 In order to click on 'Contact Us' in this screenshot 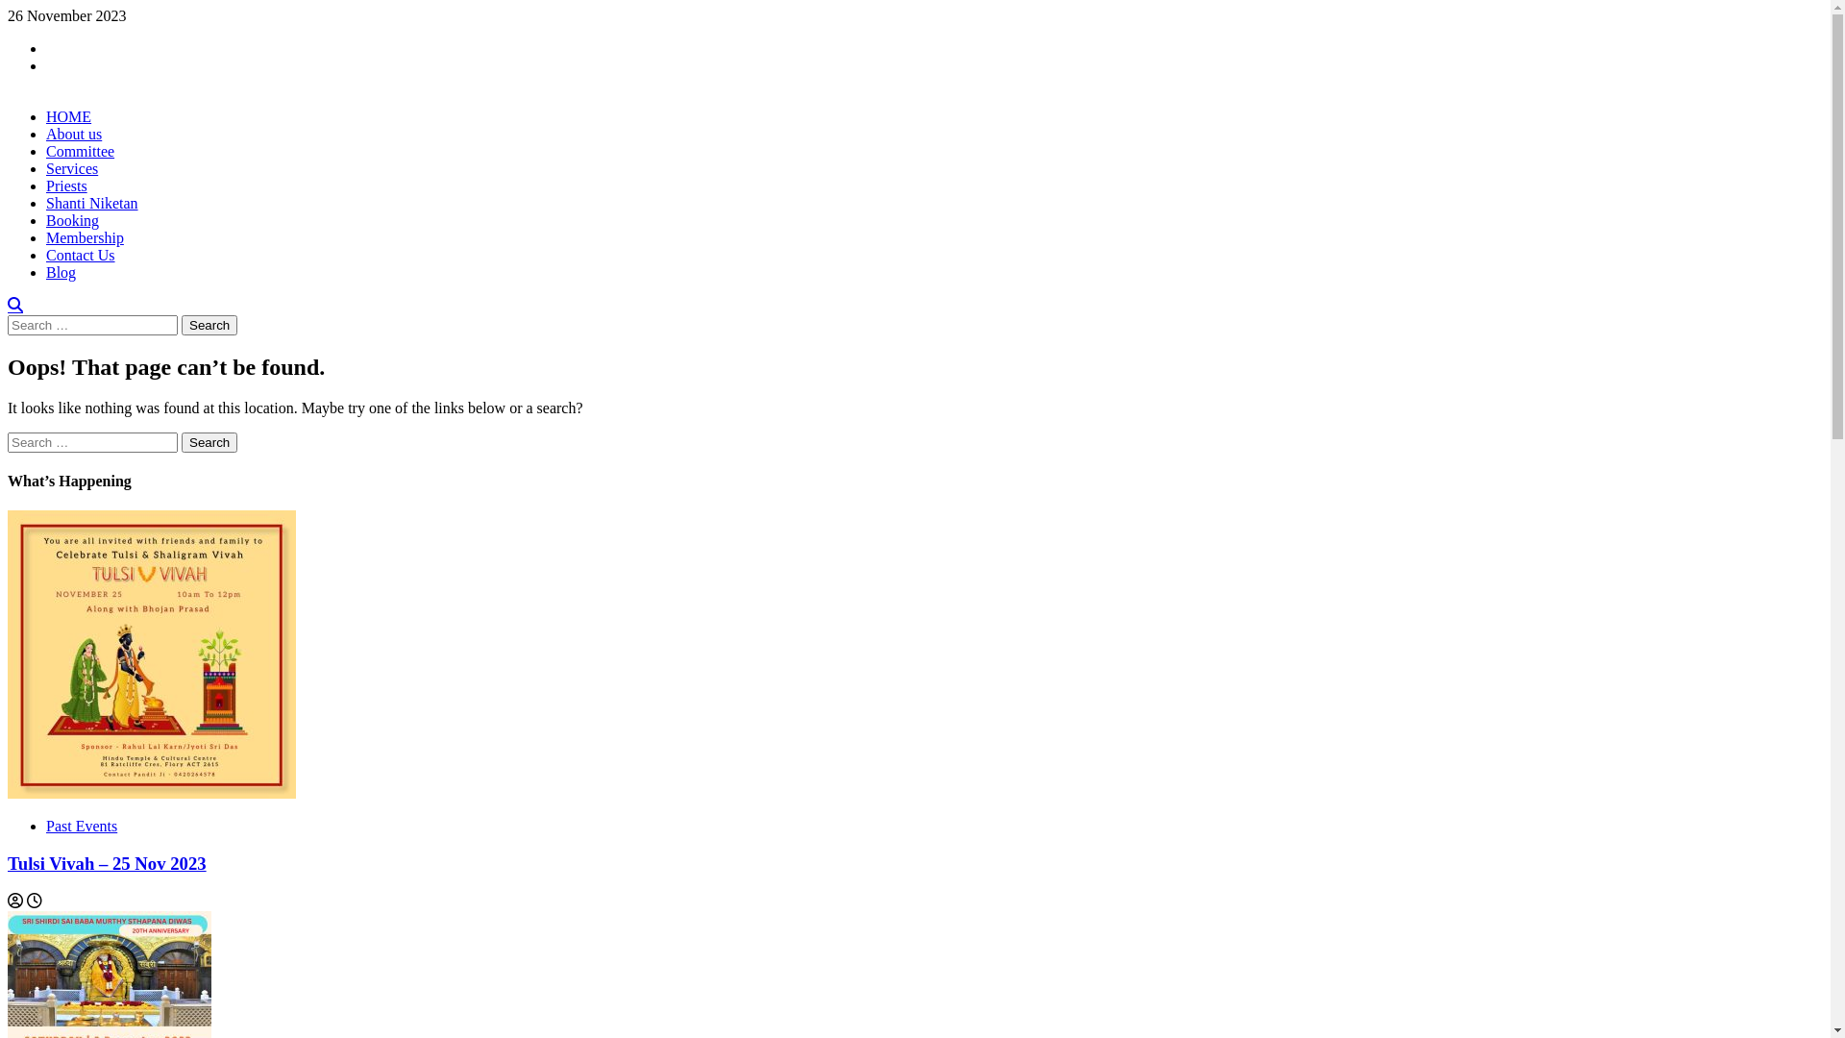, I will do `click(79, 254)`.